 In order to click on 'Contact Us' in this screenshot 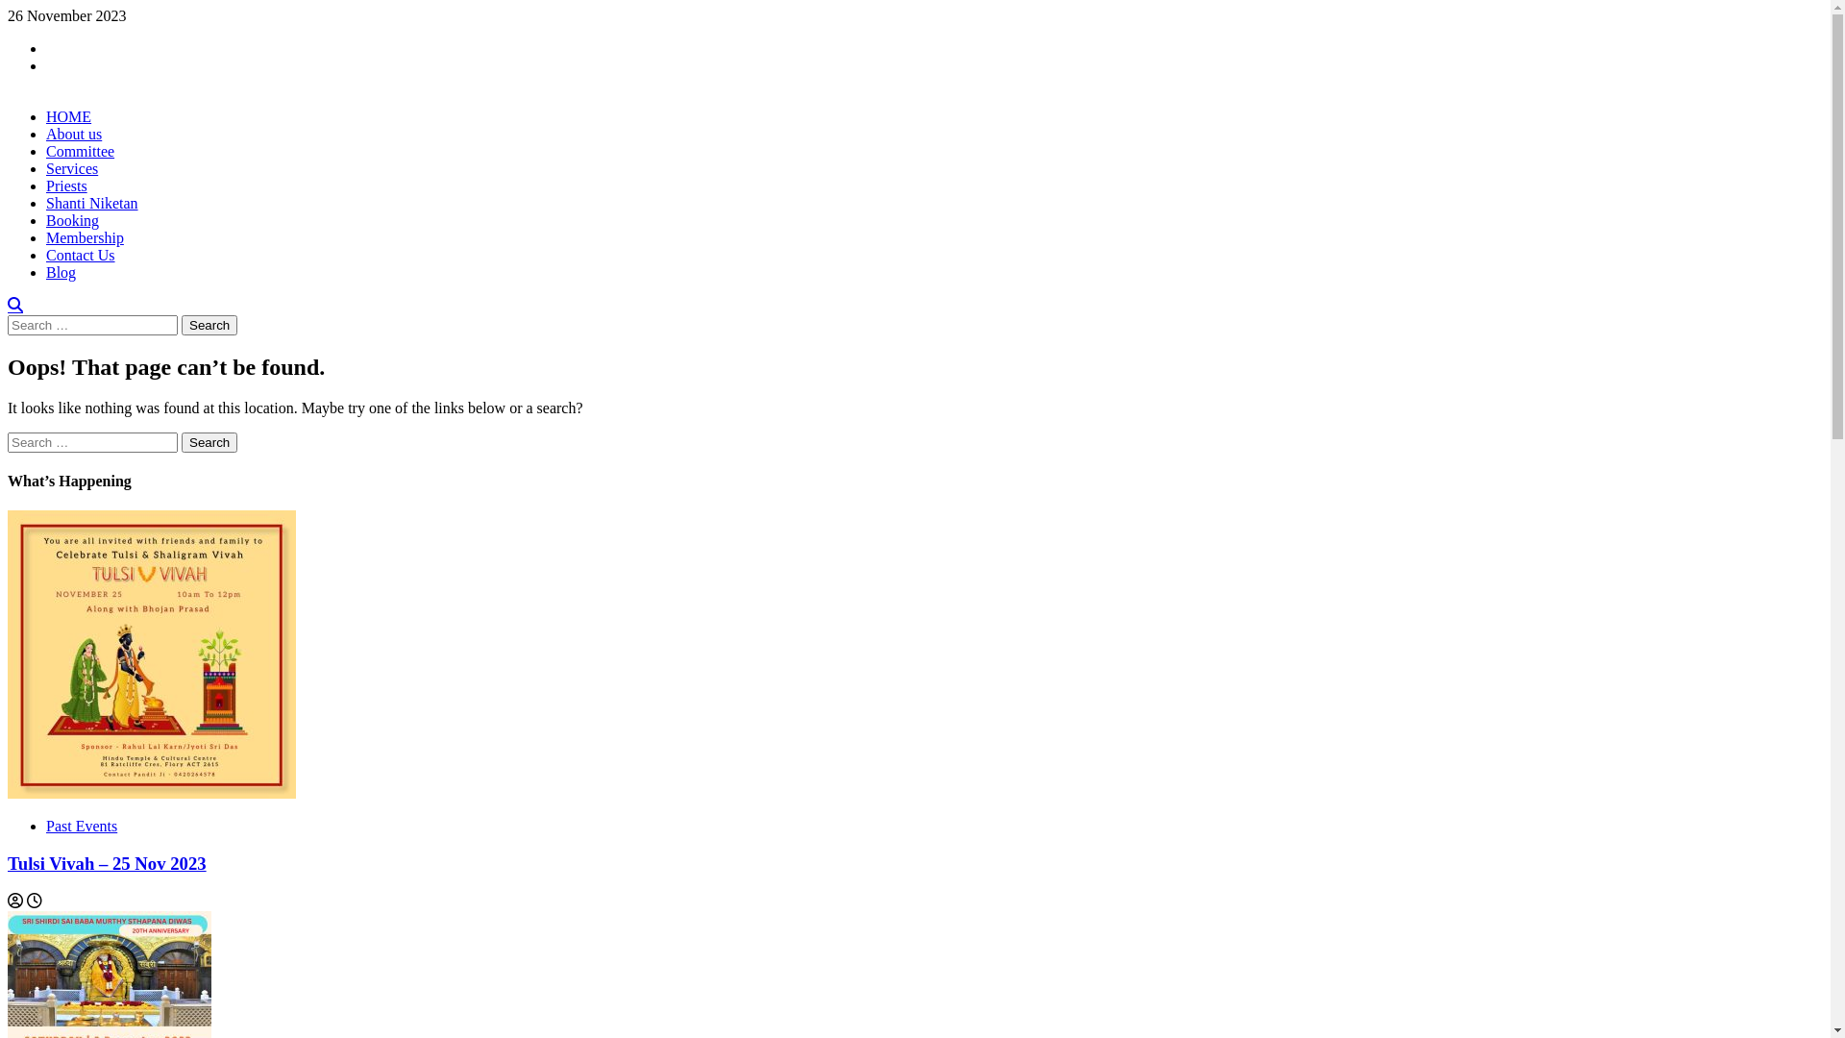, I will do `click(79, 254)`.